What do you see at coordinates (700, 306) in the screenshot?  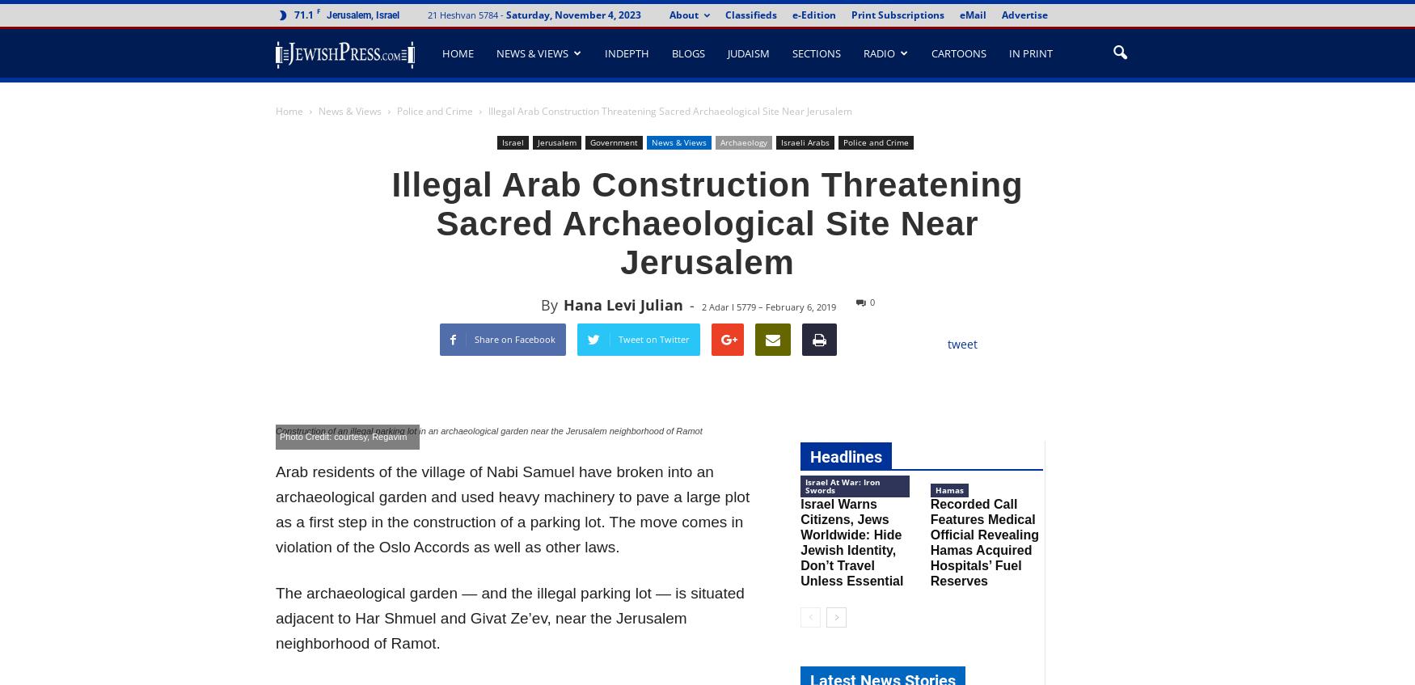 I see `'2 Adar I 5779 – February 6, 2019'` at bounding box center [700, 306].